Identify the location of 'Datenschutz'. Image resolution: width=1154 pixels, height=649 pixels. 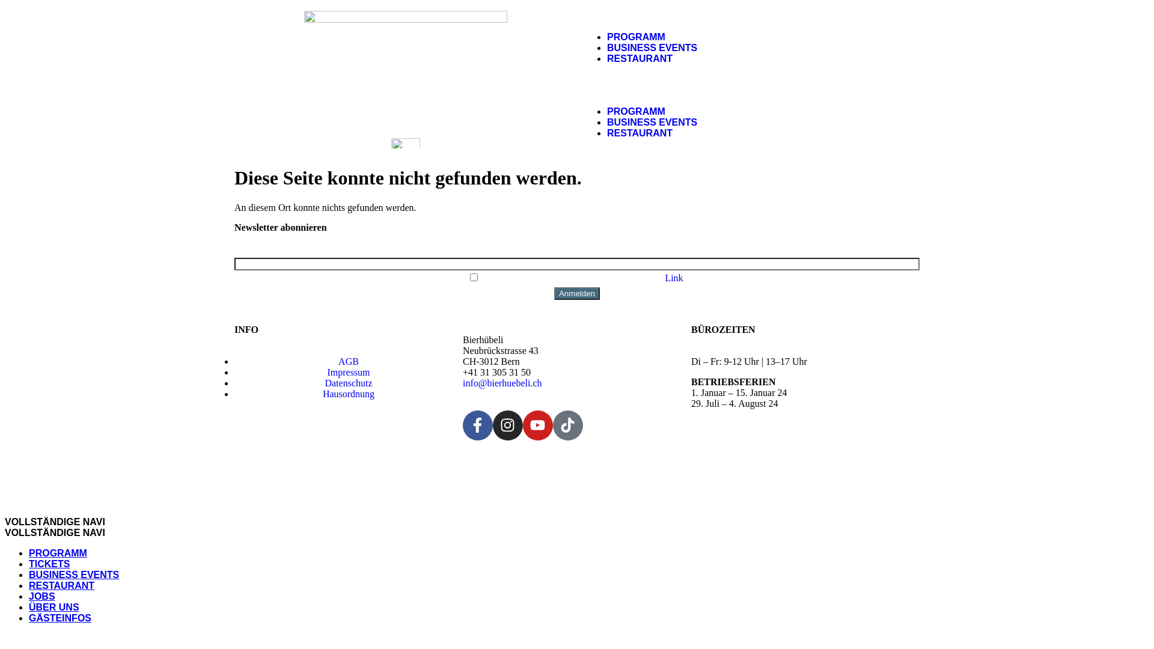
(347, 383).